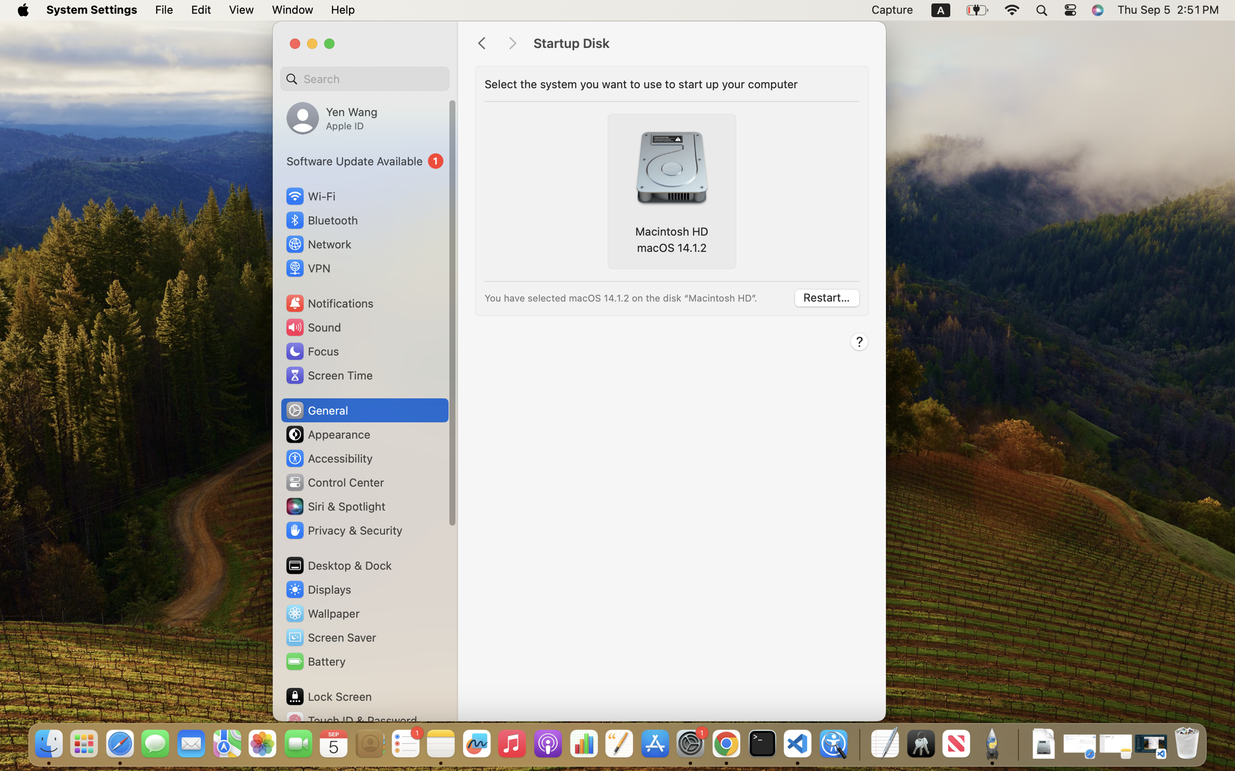 Image resolution: width=1235 pixels, height=771 pixels. What do you see at coordinates (342, 530) in the screenshot?
I see `'Privacy & Security'` at bounding box center [342, 530].